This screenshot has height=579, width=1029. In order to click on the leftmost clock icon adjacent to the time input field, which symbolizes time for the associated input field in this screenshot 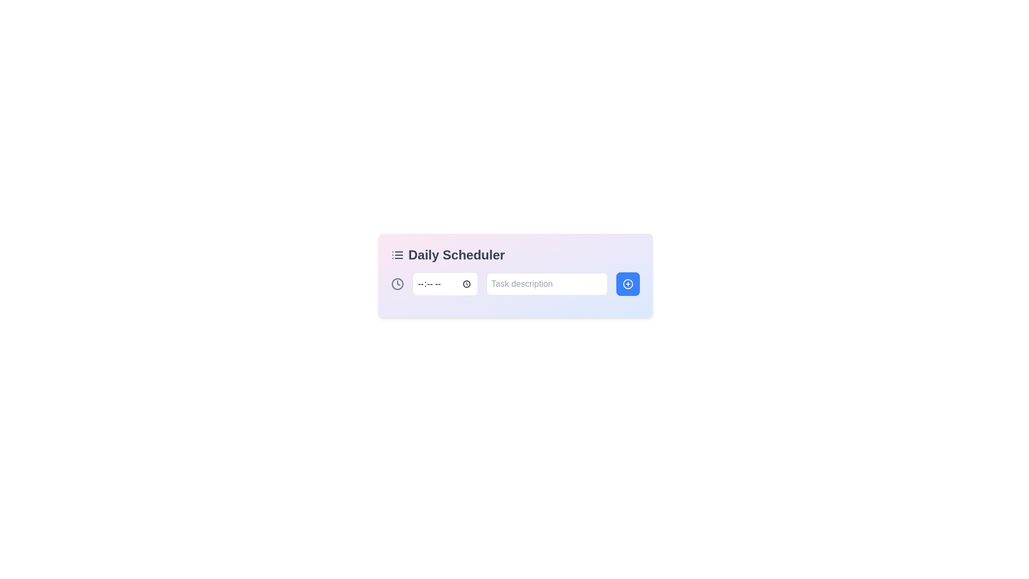, I will do `click(397, 283)`.